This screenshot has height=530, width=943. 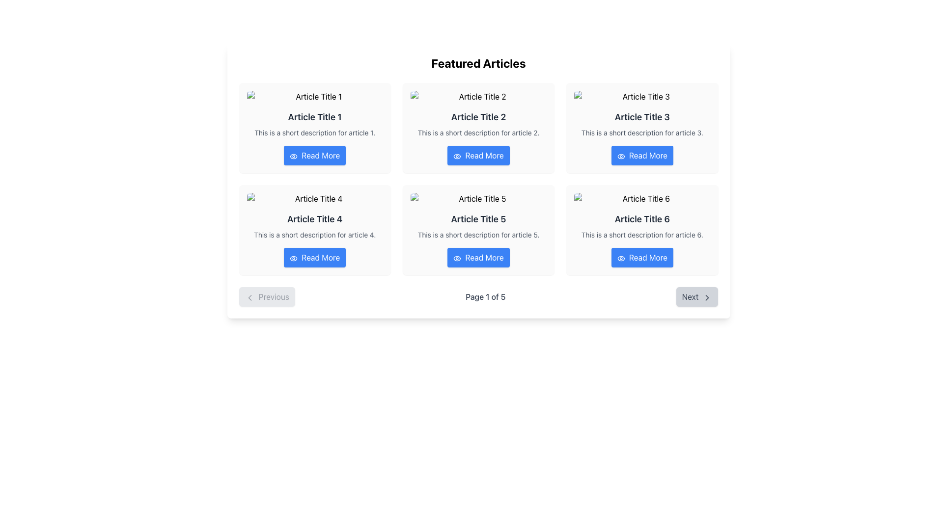 What do you see at coordinates (478, 155) in the screenshot?
I see `the 'Read More' button with a blue background and white text, located in the bottom-right area of the card for 'Article Title 2'` at bounding box center [478, 155].